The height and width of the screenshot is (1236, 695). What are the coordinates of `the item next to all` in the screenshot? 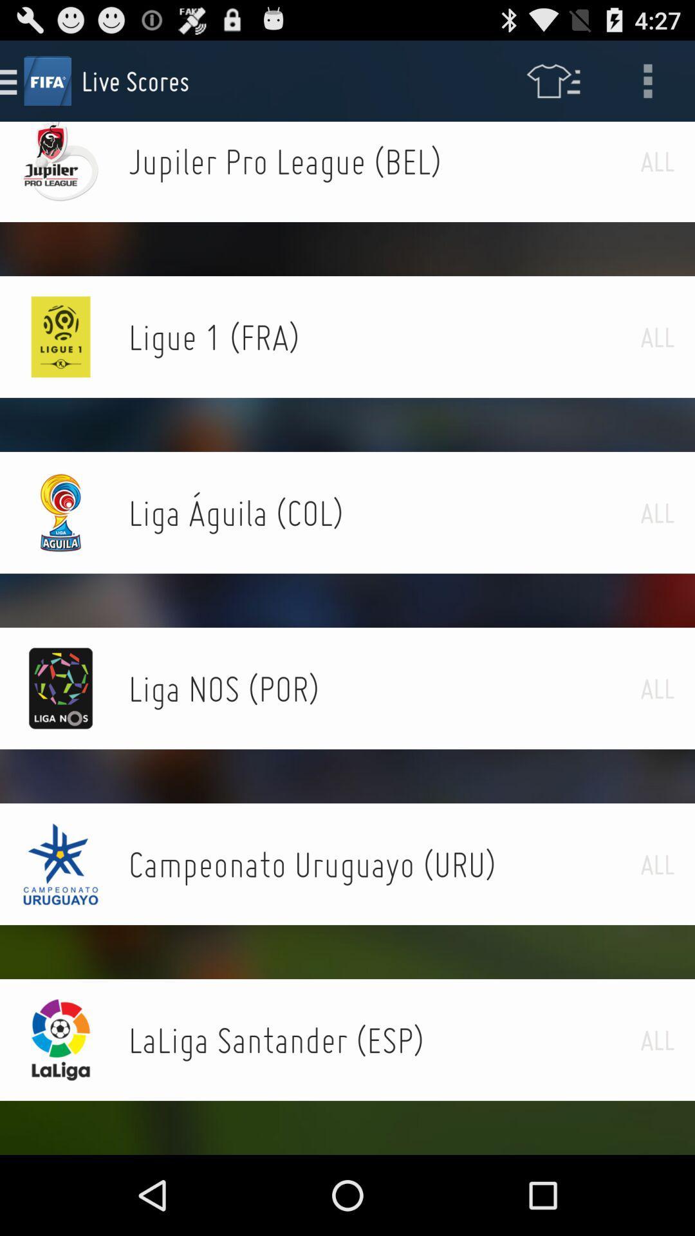 It's located at (384, 160).